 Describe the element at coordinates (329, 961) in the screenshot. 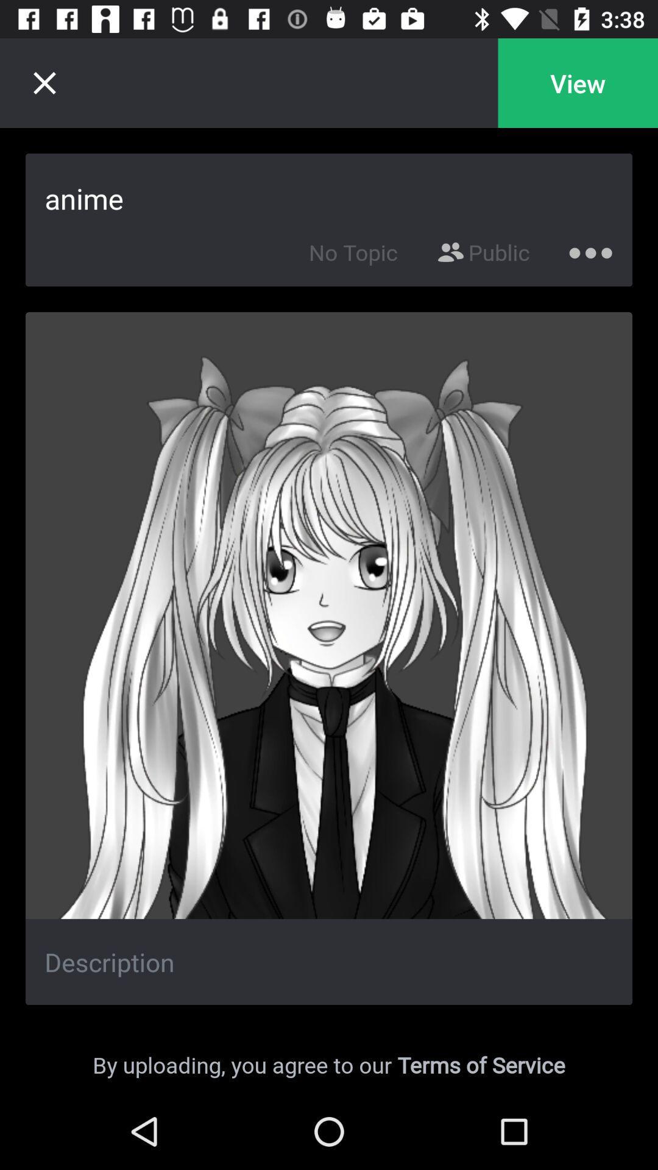

I see `write description` at that location.